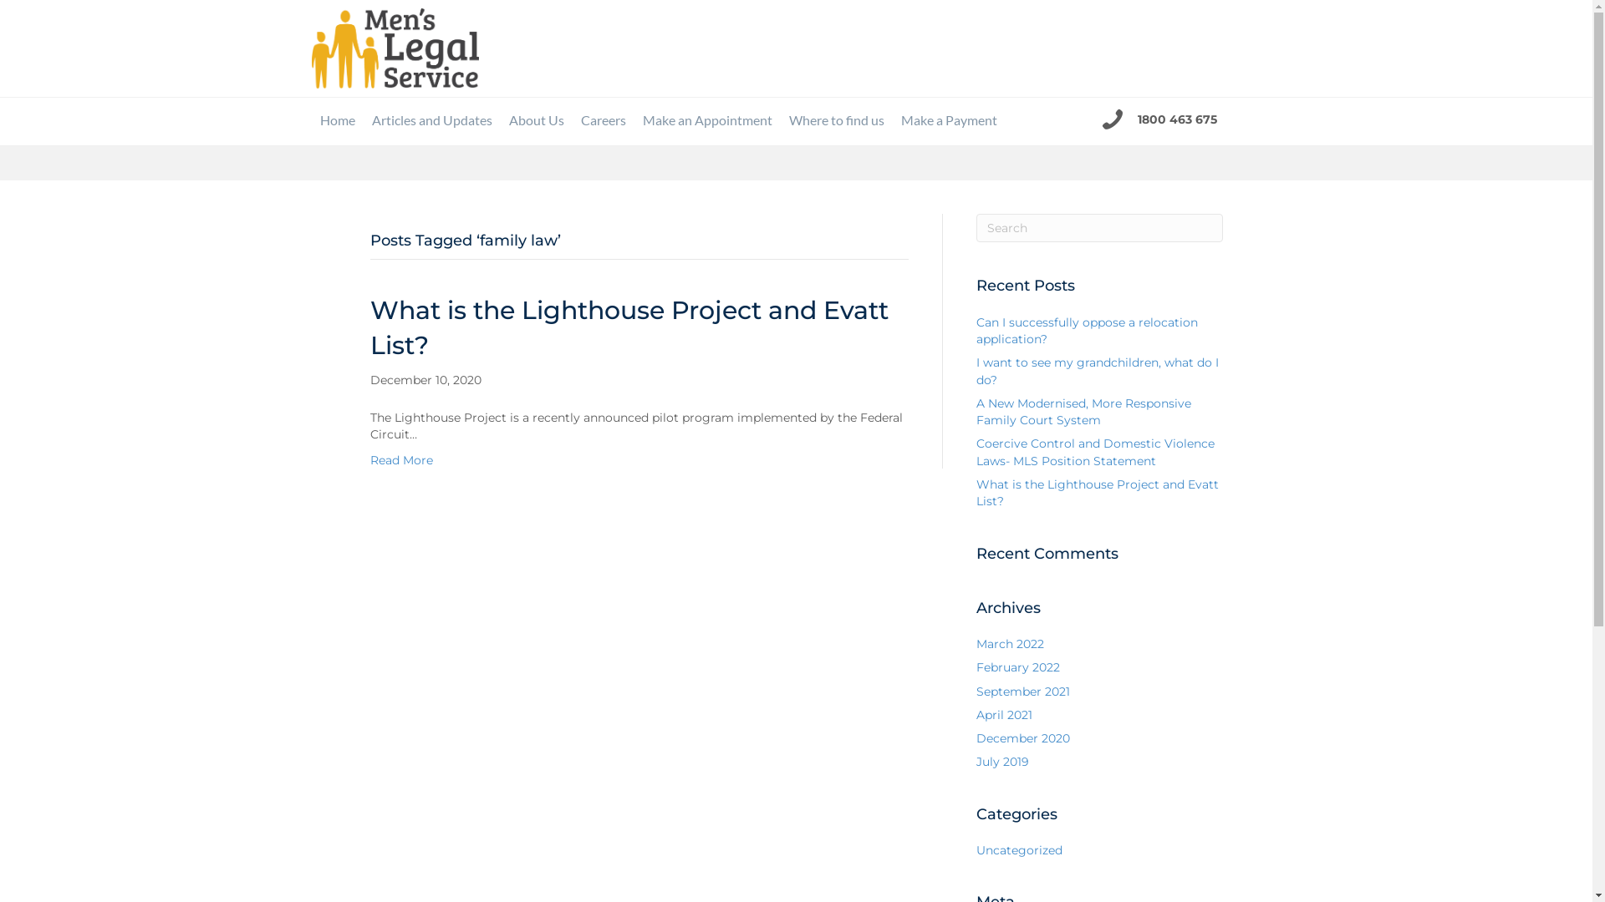 This screenshot has height=902, width=1605. Describe the element at coordinates (1022, 737) in the screenshot. I see `'December 2020'` at that location.